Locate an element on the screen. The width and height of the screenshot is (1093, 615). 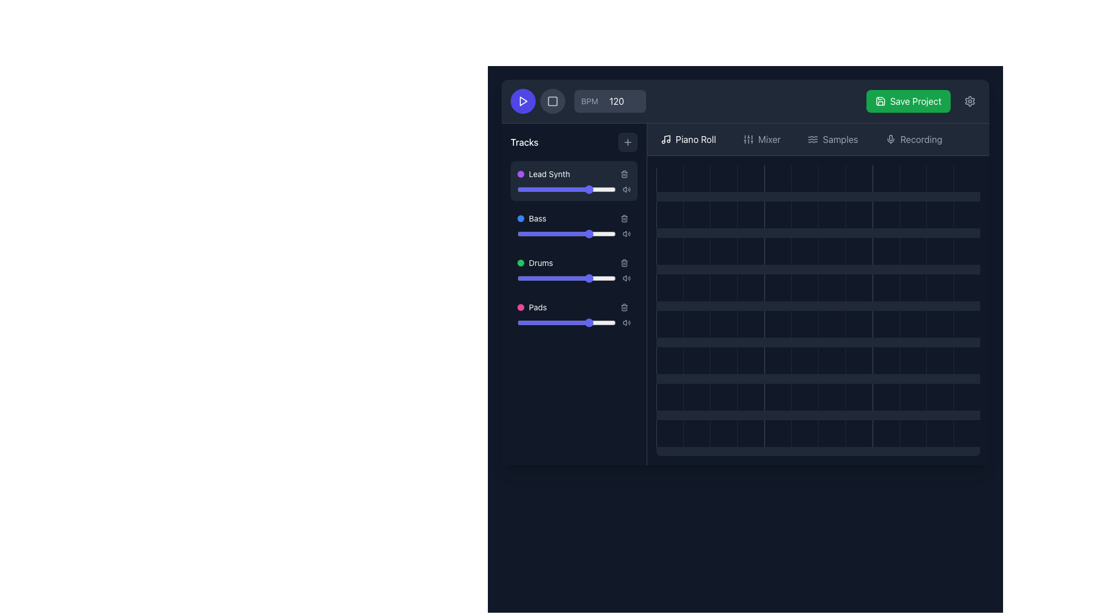
the gear-like settings icon located at the top-right corner of the interface is located at coordinates (969, 100).